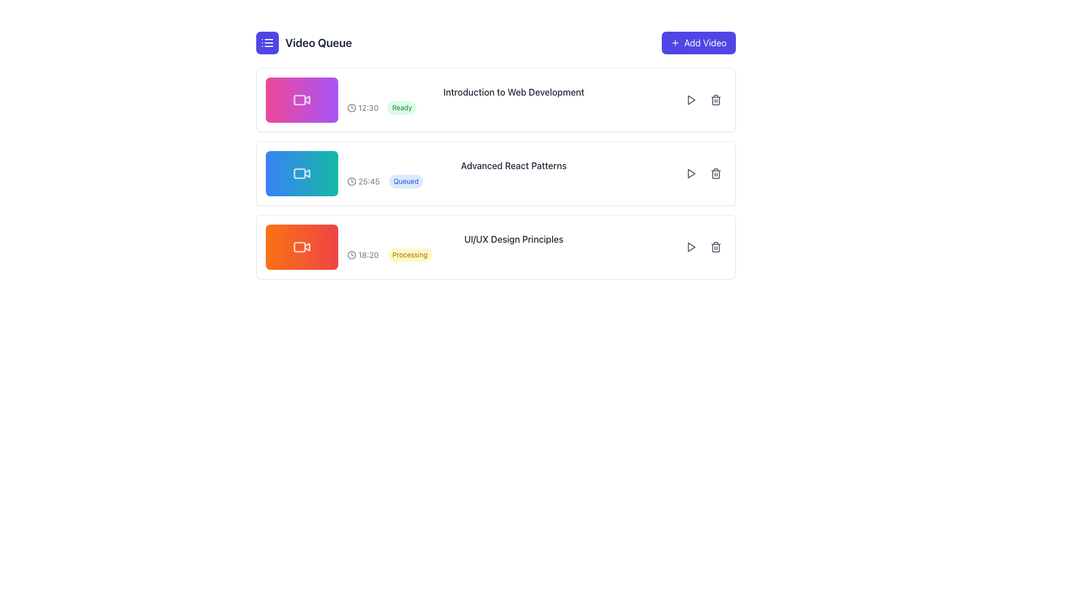  Describe the element at coordinates (266, 42) in the screenshot. I see `the menu toggle button located at the top-left corner of the interface, adjacent to the 'Video Queue' title, for keyboard navigation` at that location.